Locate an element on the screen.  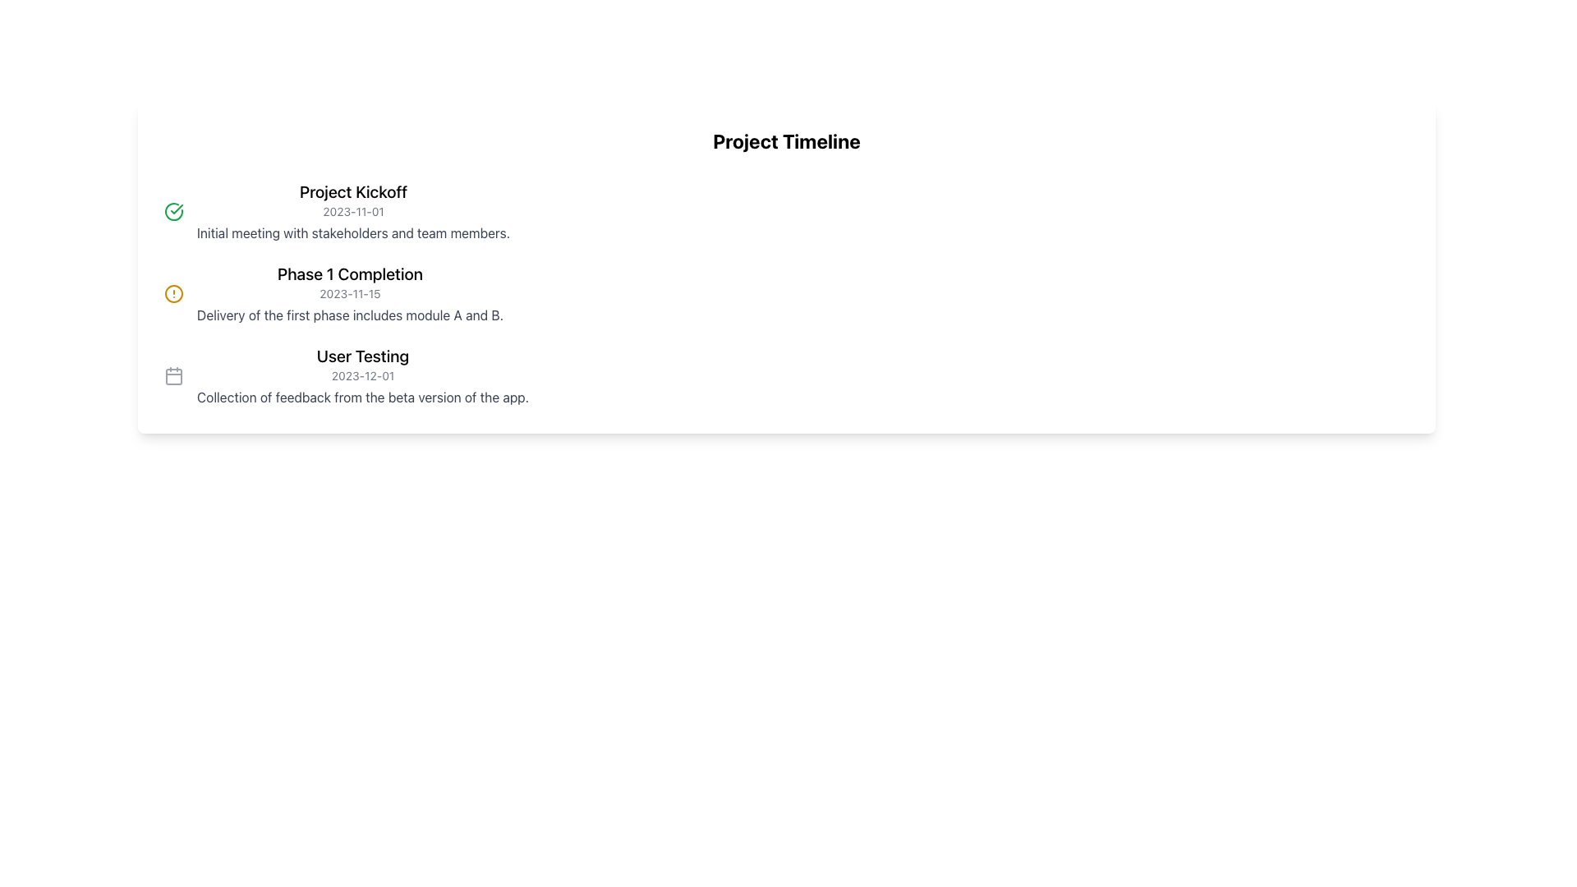
the success icon that symbolizes the completion of the 'Project Kickoff' phase, located to the left of the 'Project Kickoff' title is located at coordinates (173, 211).